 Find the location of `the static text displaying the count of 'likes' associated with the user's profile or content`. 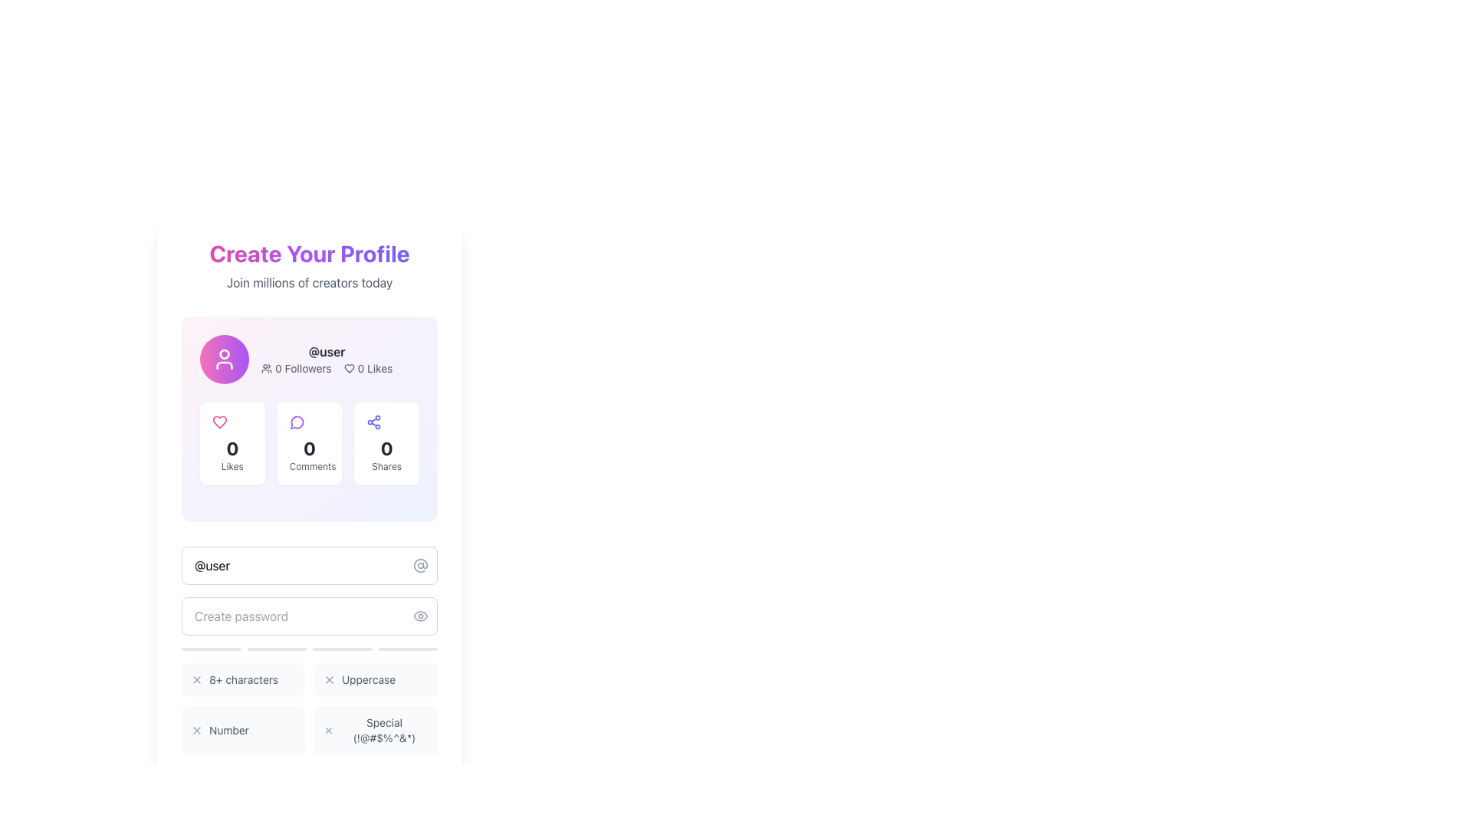

the static text displaying the count of 'likes' associated with the user's profile or content is located at coordinates (368, 369).